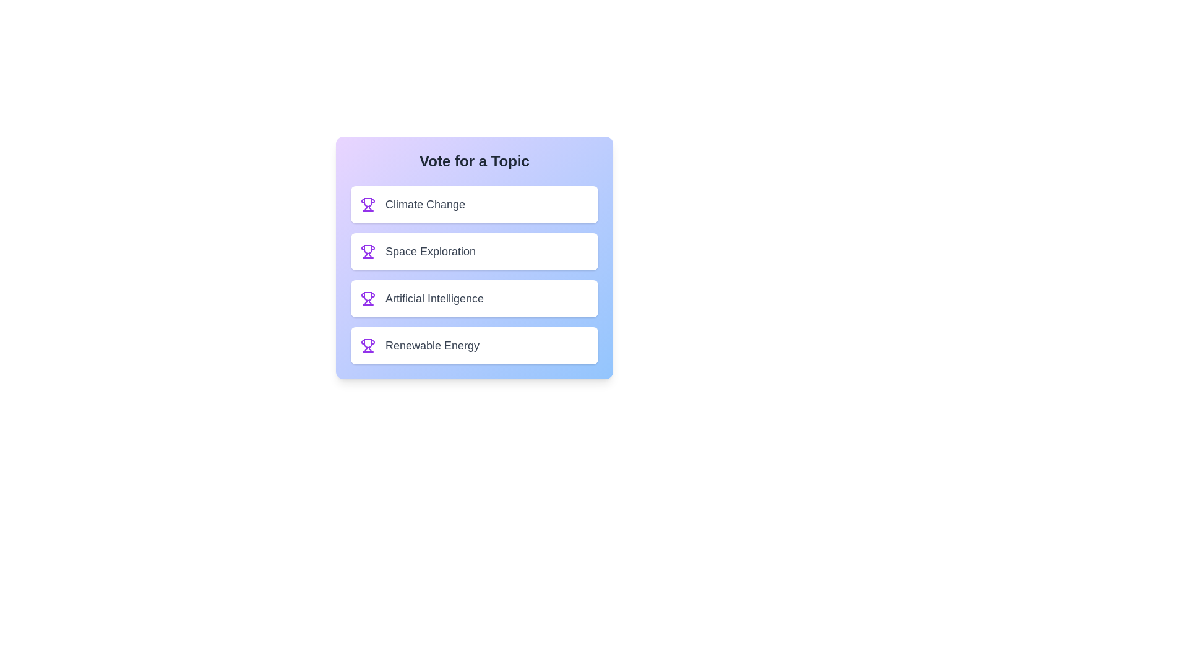 Image resolution: width=1188 pixels, height=668 pixels. Describe the element at coordinates (474, 257) in the screenshot. I see `the second button labeled 'Space Exploration' with a purple trophy icon in the vertical list under 'Vote for a Topic'` at that location.